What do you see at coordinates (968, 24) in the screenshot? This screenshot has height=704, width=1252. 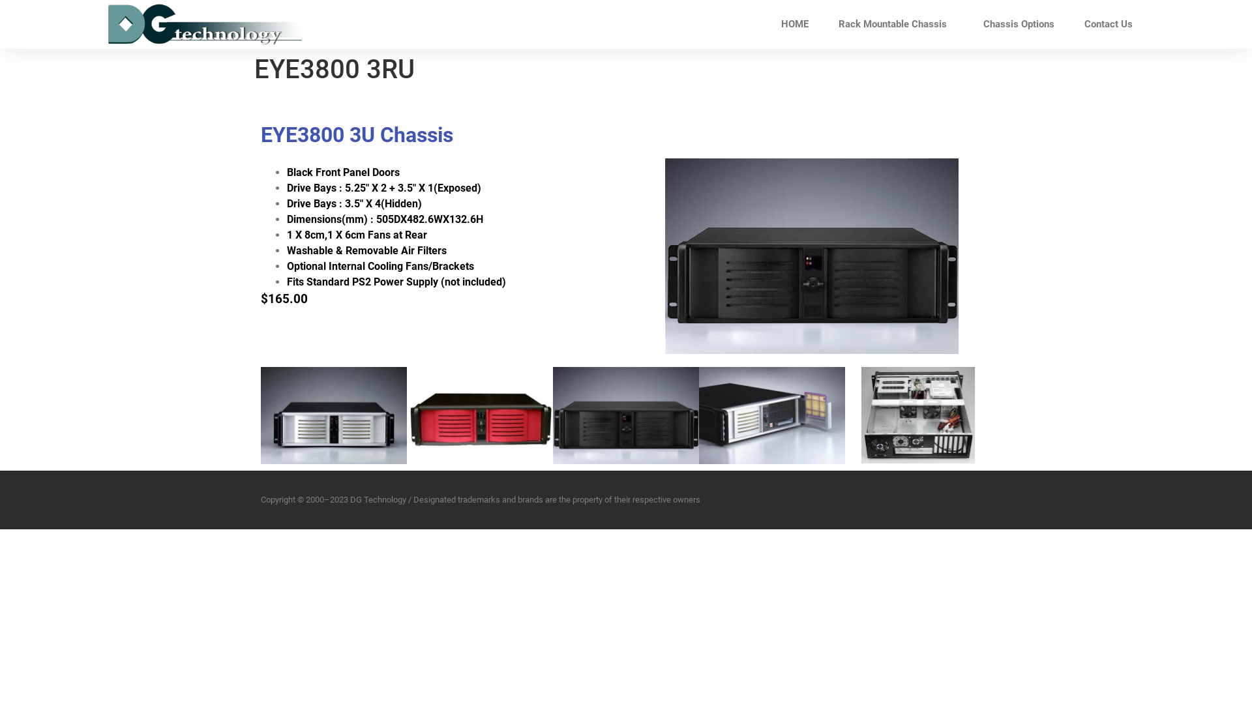 I see `'Chassis Options'` at bounding box center [968, 24].